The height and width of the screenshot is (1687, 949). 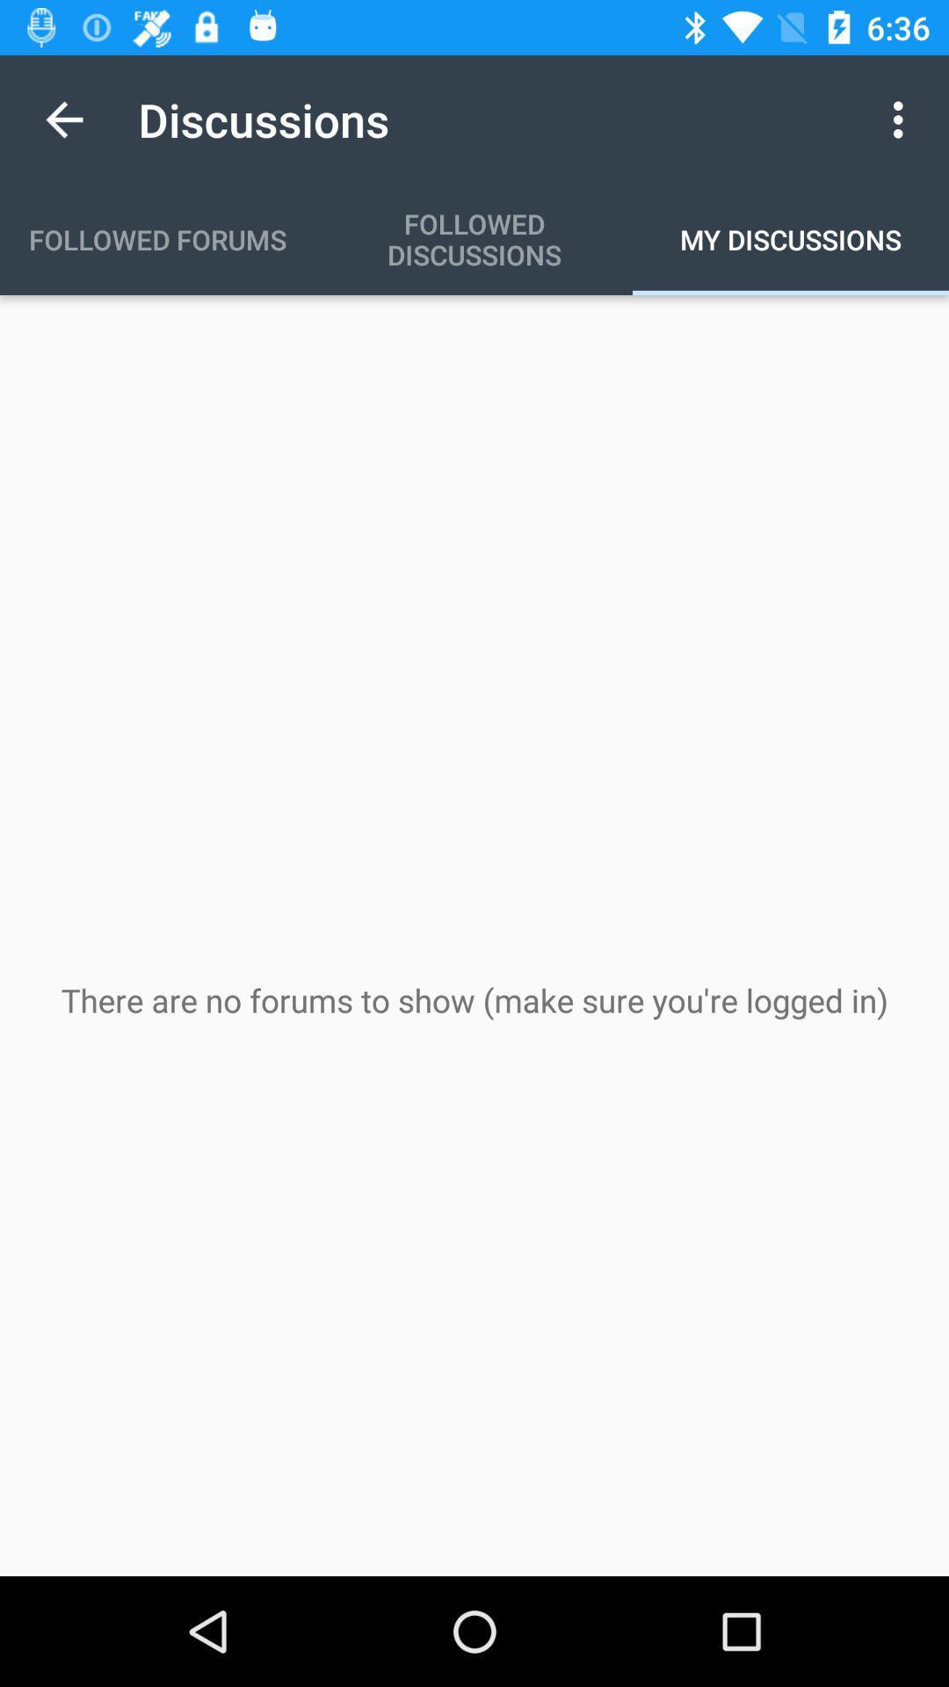 What do you see at coordinates (902, 119) in the screenshot?
I see `icon next to the discussions` at bounding box center [902, 119].